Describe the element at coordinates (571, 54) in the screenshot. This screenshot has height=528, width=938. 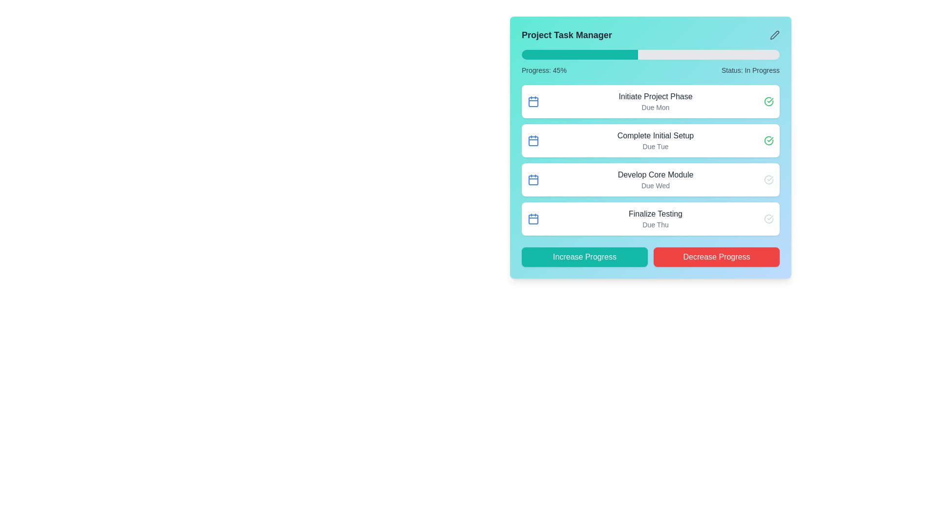
I see `the progress bar` at that location.